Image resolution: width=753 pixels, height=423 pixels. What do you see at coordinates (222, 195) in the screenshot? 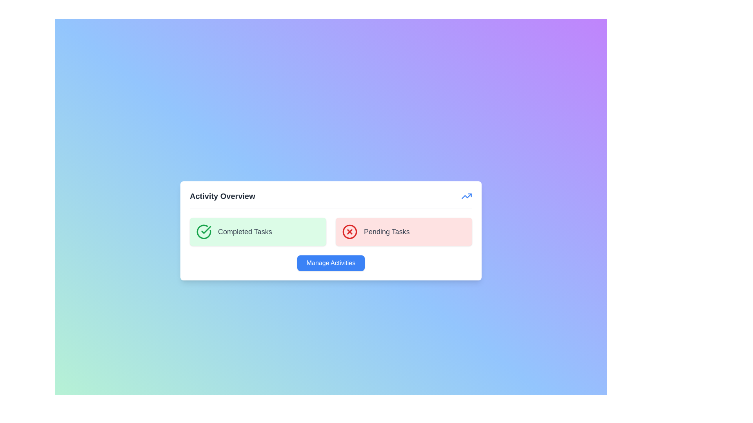
I see `'Activity Overview' header text, which is styled in bold and large font, located at the top left of the section in dark gray color` at bounding box center [222, 195].